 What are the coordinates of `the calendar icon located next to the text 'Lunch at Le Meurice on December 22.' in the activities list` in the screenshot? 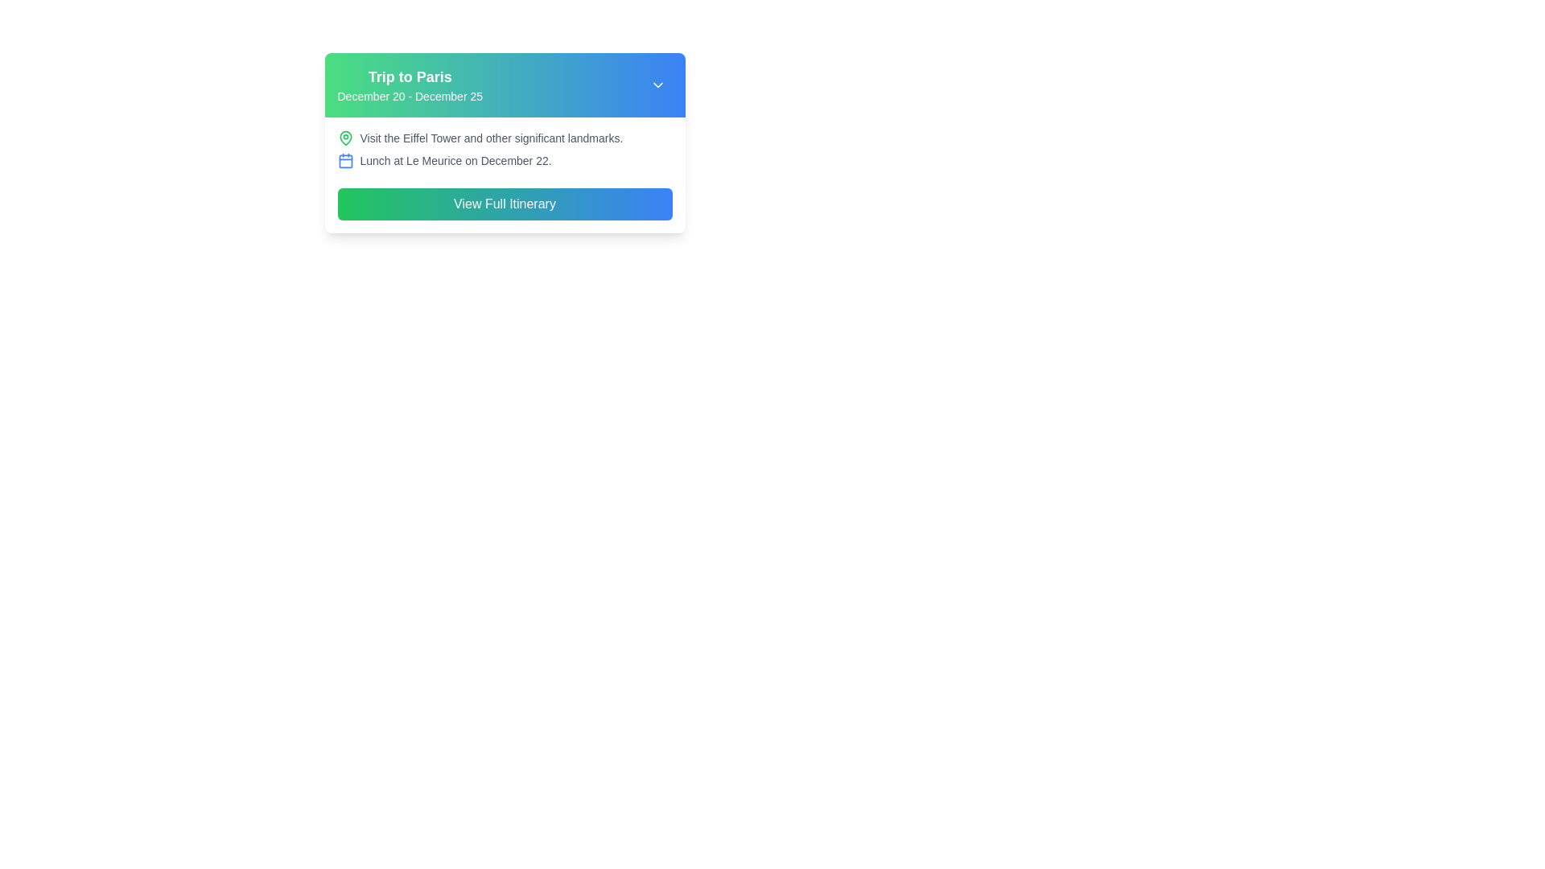 It's located at (344, 161).